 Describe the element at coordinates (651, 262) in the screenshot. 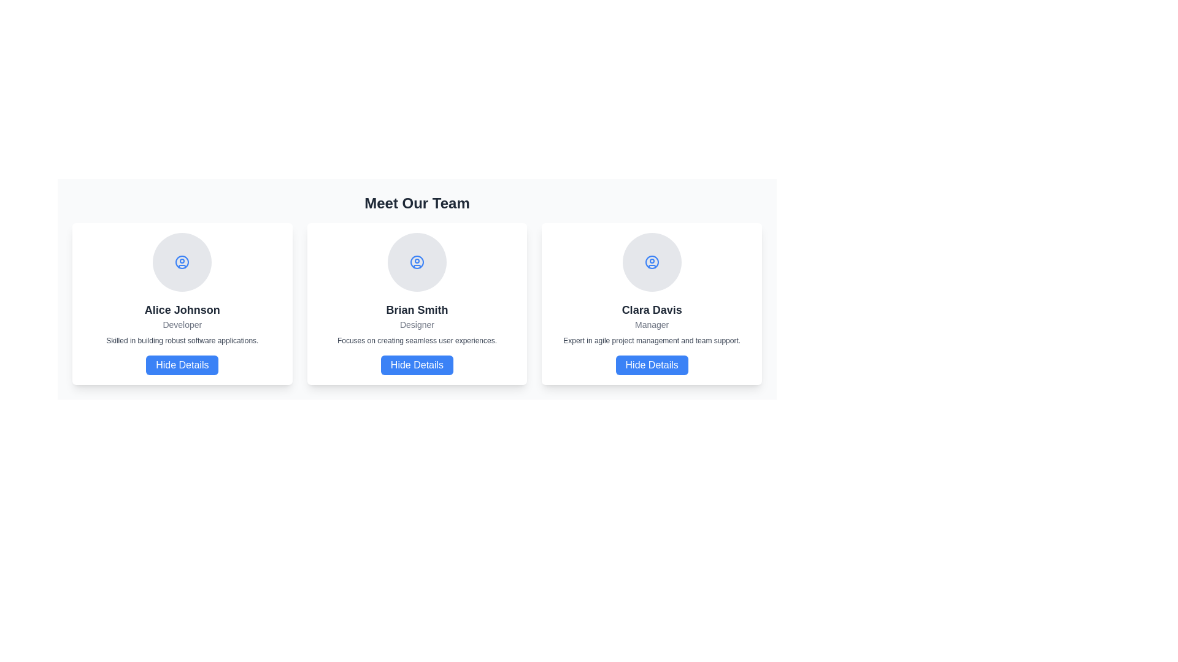

I see `the avatar representing team member Clara Davis, which is positioned at the top center of her card in the 'Meet Our Team' layout` at that location.